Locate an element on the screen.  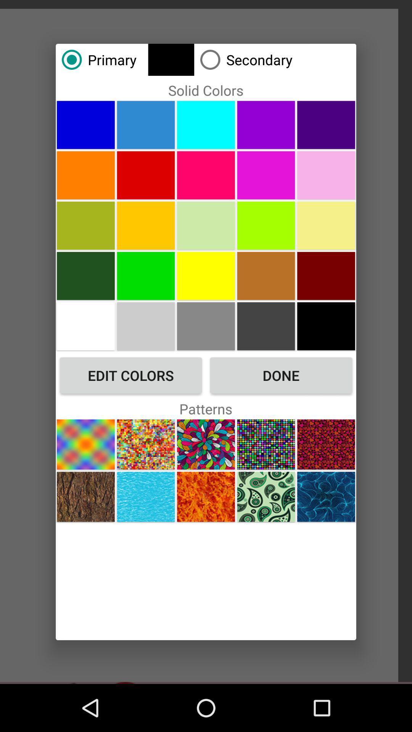
solid color is located at coordinates (146, 125).